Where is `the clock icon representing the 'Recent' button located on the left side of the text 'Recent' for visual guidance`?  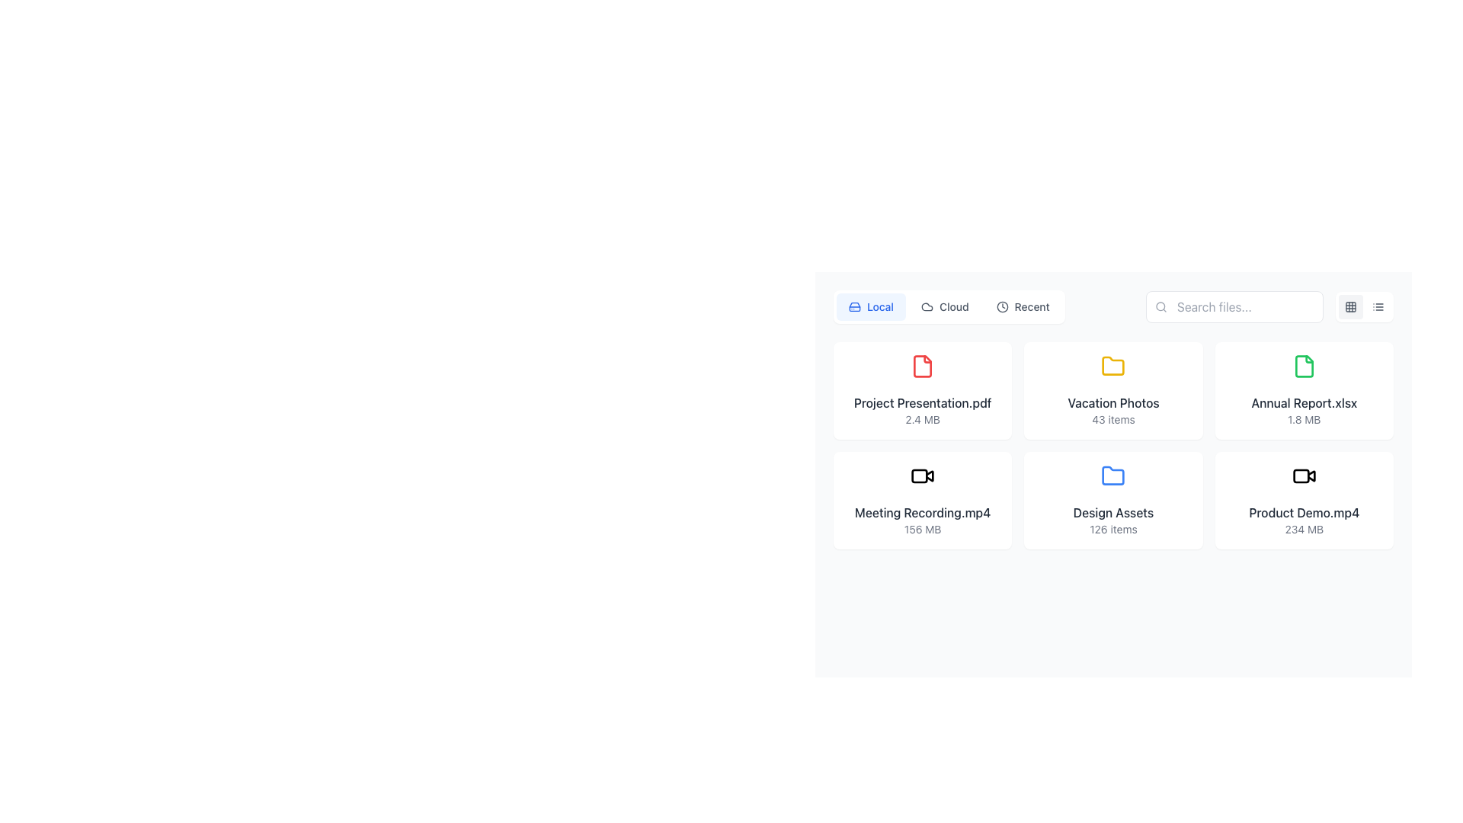 the clock icon representing the 'Recent' button located on the left side of the text 'Recent' for visual guidance is located at coordinates (1002, 306).